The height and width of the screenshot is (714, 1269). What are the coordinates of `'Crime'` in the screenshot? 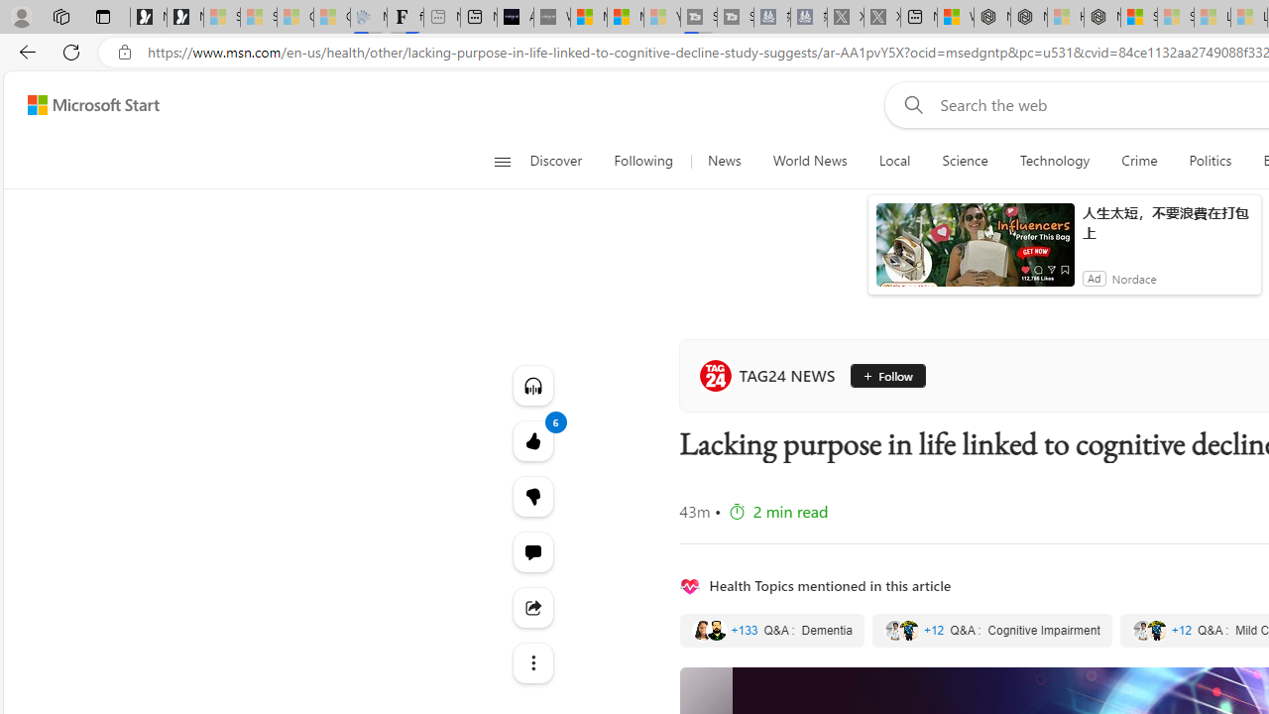 It's located at (1139, 161).